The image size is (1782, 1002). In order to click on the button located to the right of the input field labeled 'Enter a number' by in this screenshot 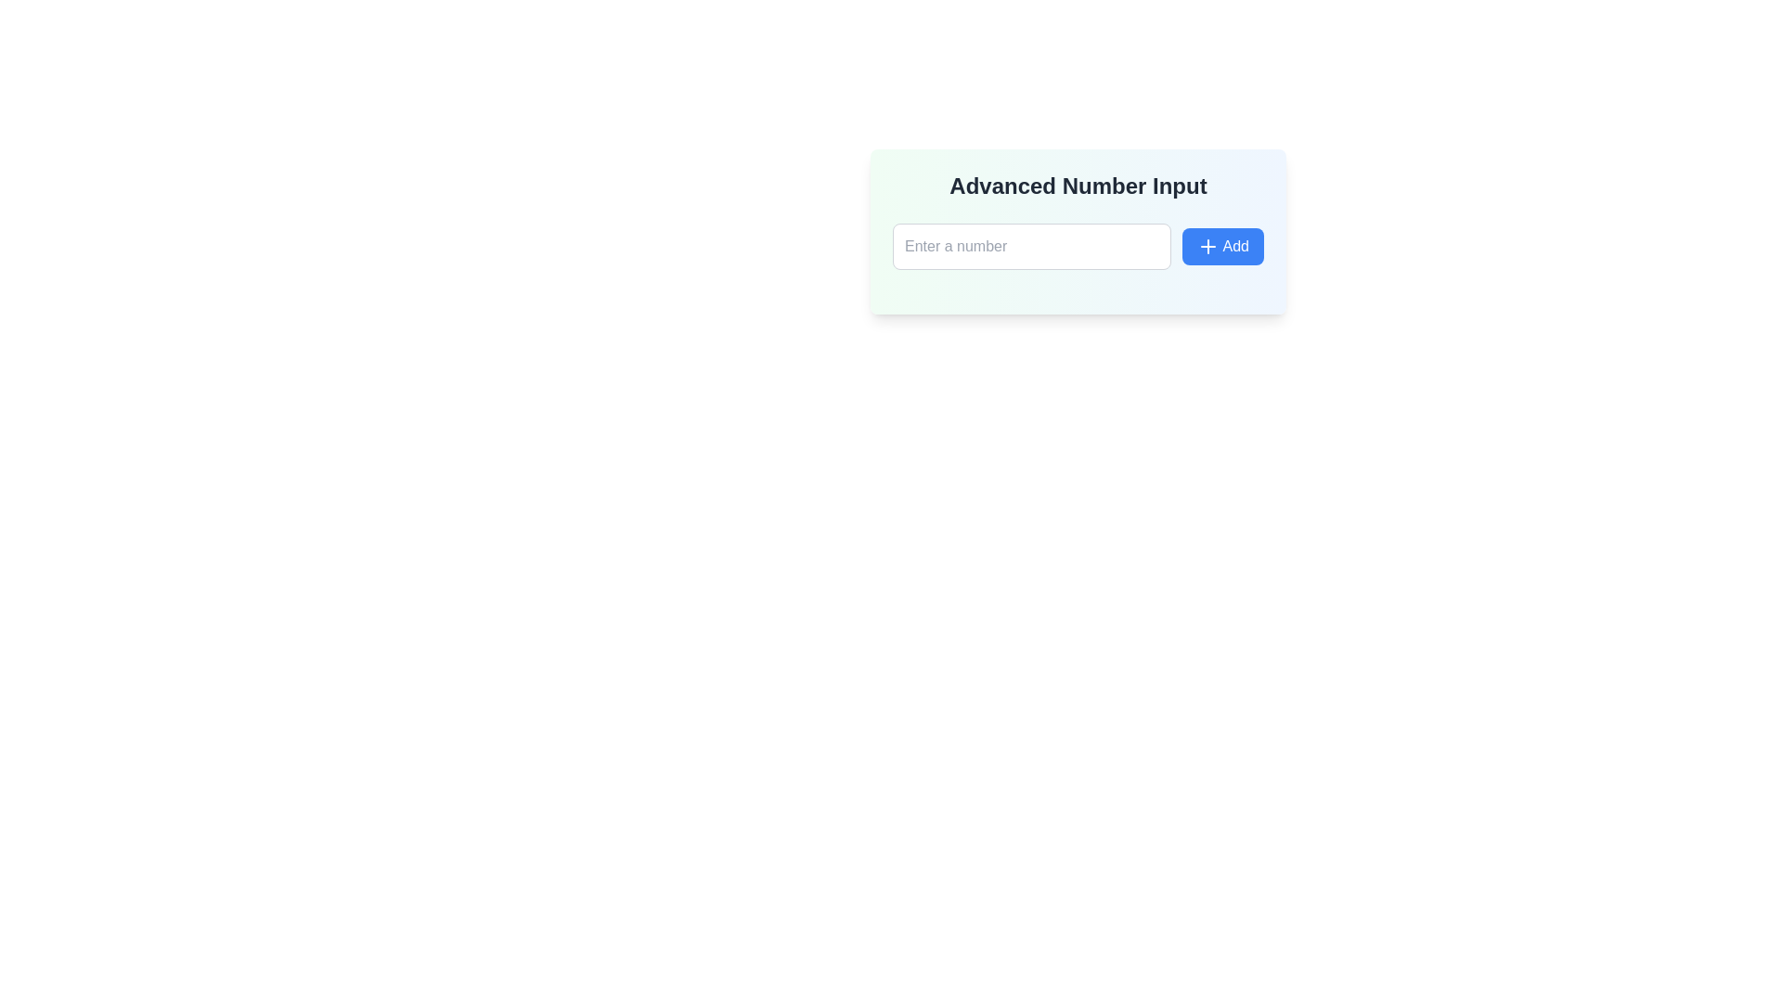, I will do `click(1222, 246)`.